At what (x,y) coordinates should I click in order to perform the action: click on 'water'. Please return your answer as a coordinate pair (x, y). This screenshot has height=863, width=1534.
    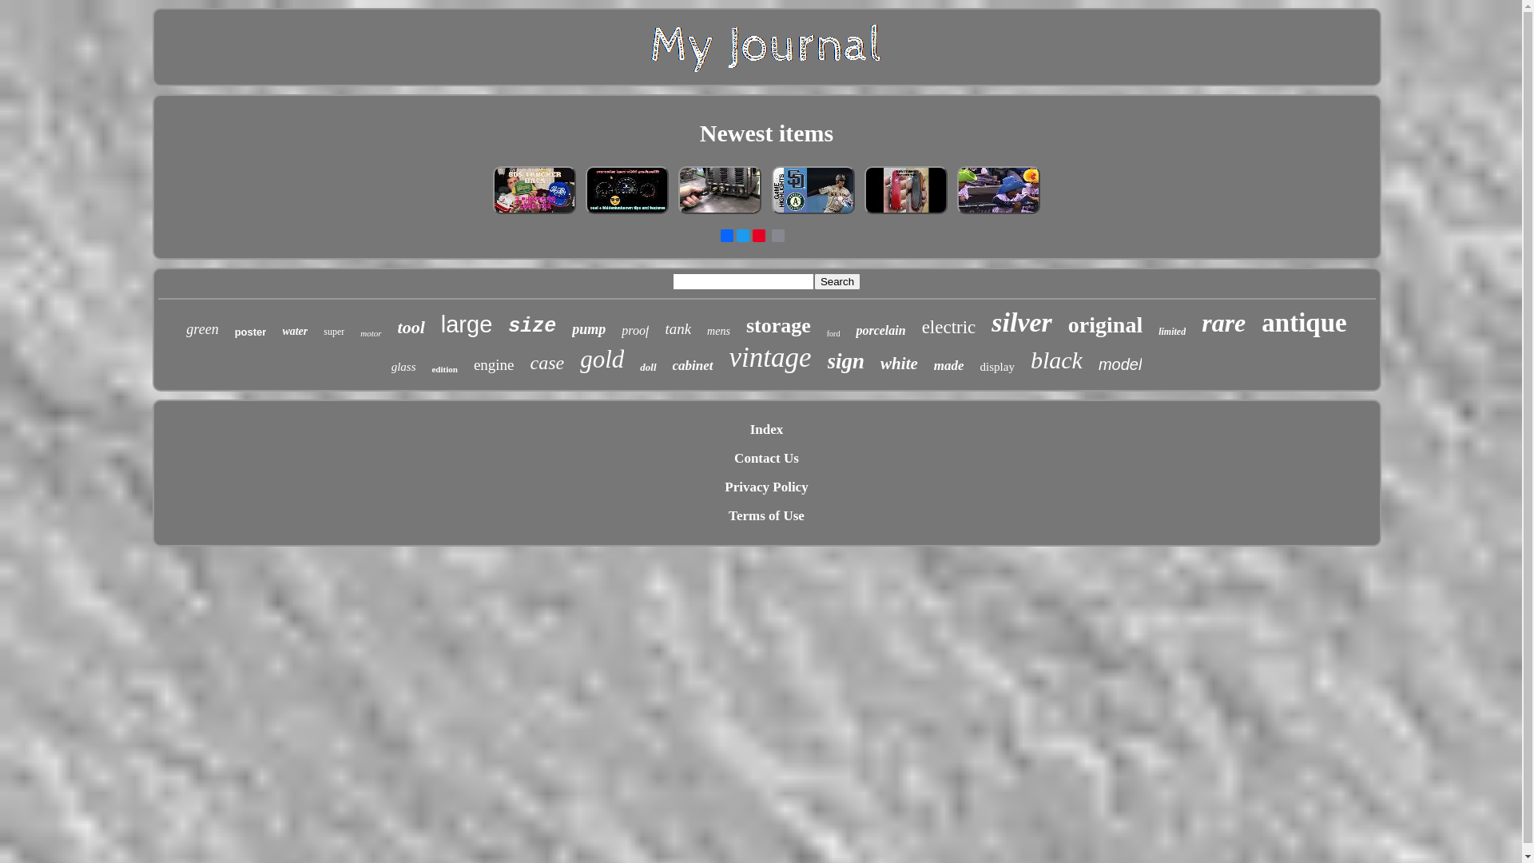
    Looking at the image, I should click on (295, 331).